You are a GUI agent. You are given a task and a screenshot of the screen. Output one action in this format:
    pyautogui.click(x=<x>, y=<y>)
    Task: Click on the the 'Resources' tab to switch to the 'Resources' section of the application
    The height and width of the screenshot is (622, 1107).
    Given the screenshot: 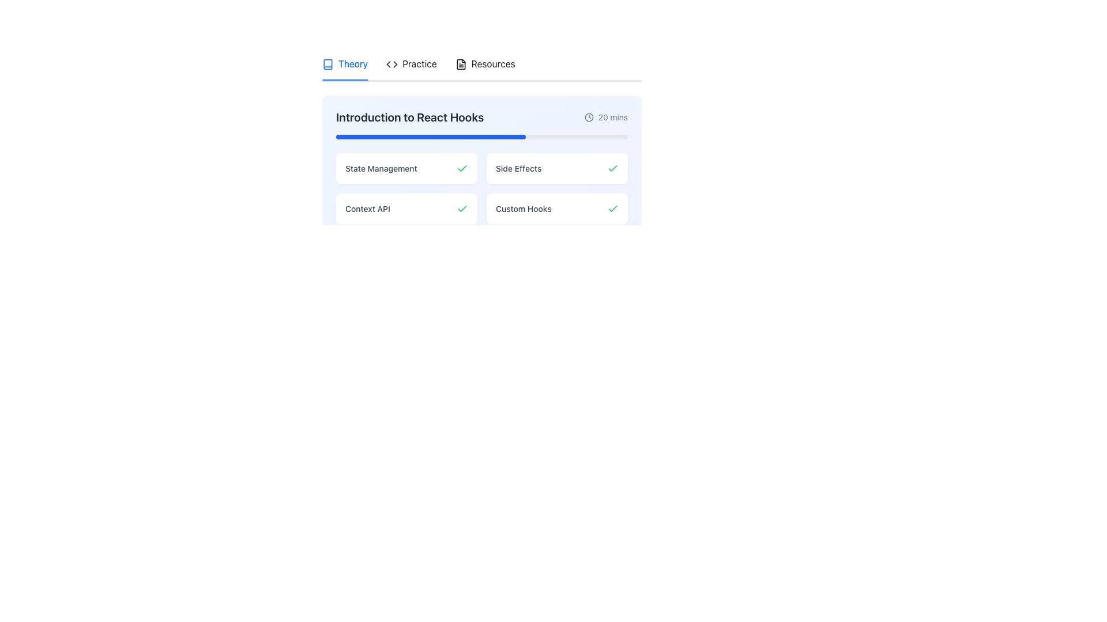 What is the action you would take?
    pyautogui.click(x=485, y=64)
    